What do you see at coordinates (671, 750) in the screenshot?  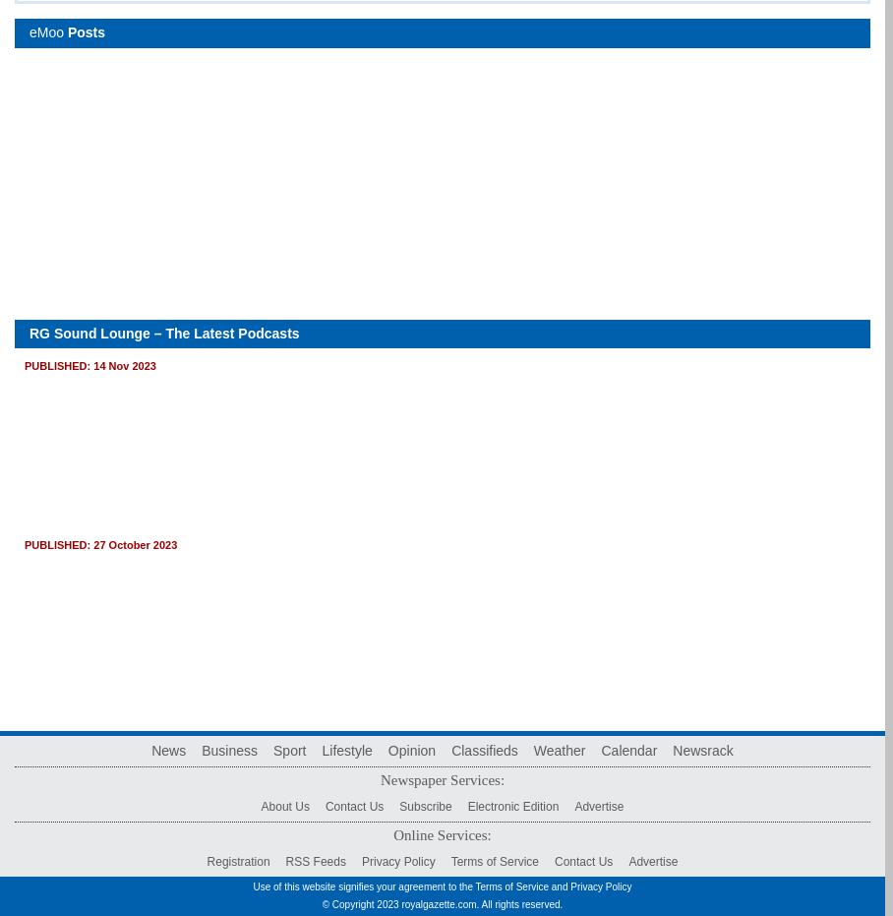 I see `'Newsrack'` at bounding box center [671, 750].